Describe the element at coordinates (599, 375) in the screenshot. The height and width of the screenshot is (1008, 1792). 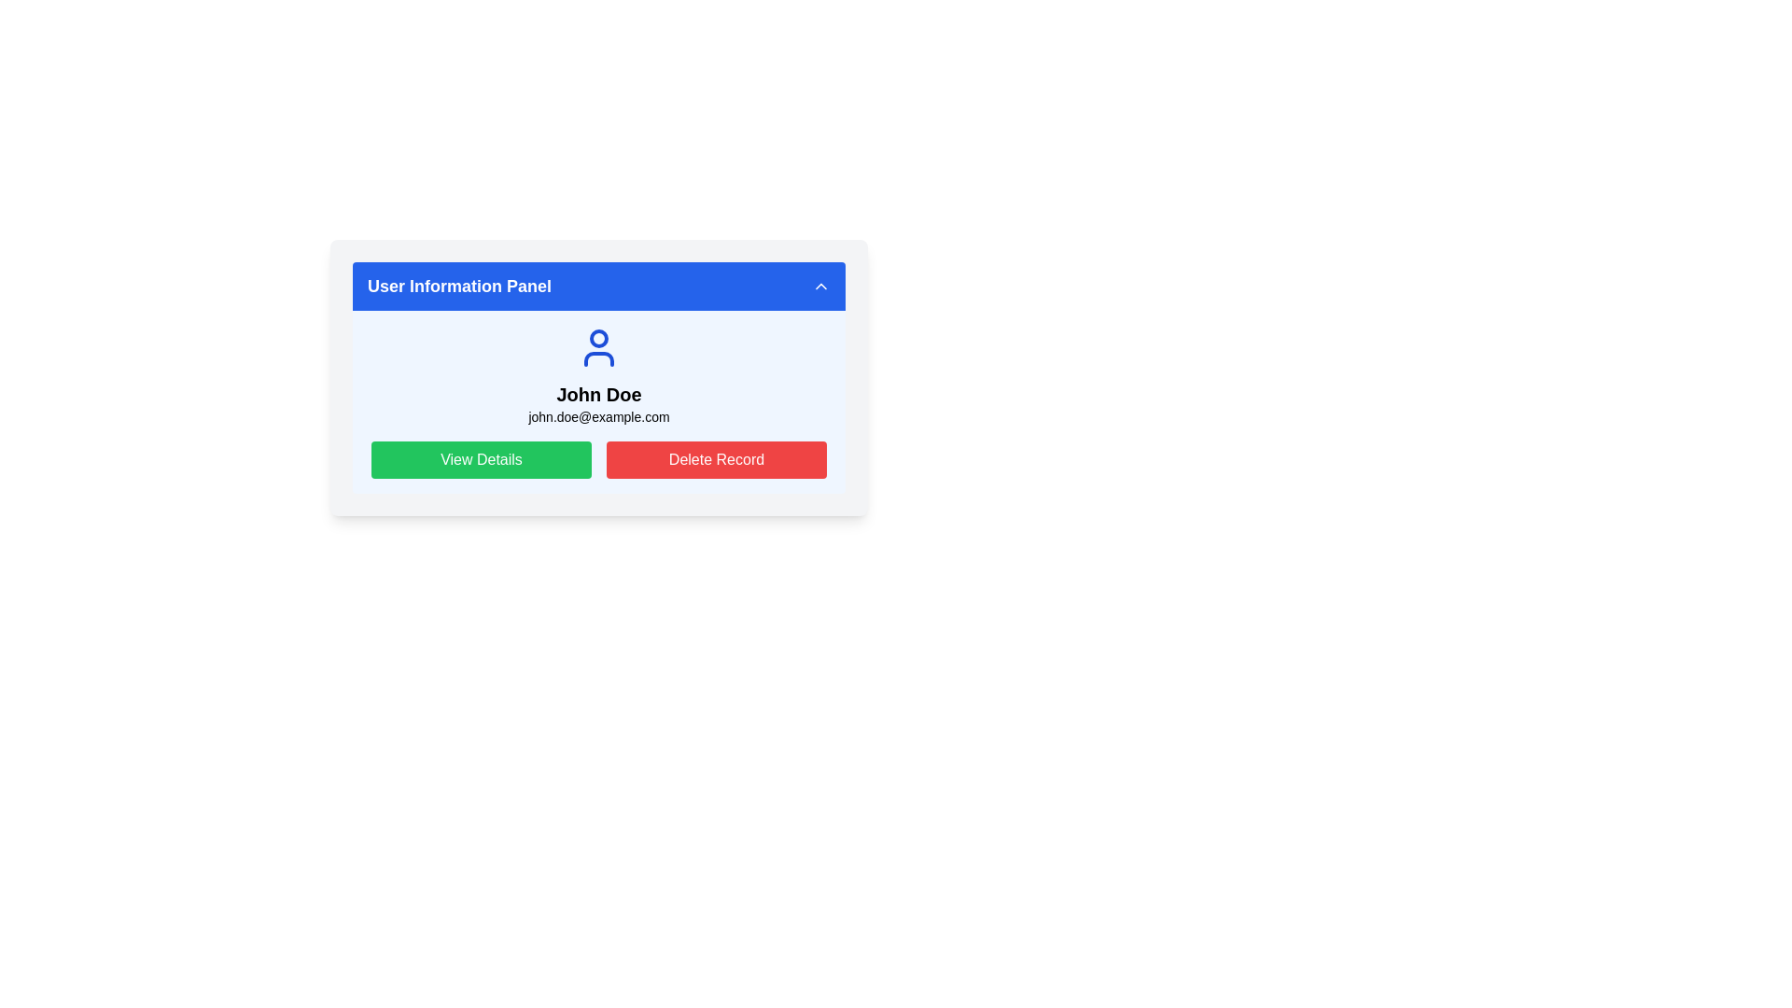
I see `the Profile summary section that displays the user's name and email, positioned centrally above the 'View Details' and 'Delete Record' buttons` at that location.